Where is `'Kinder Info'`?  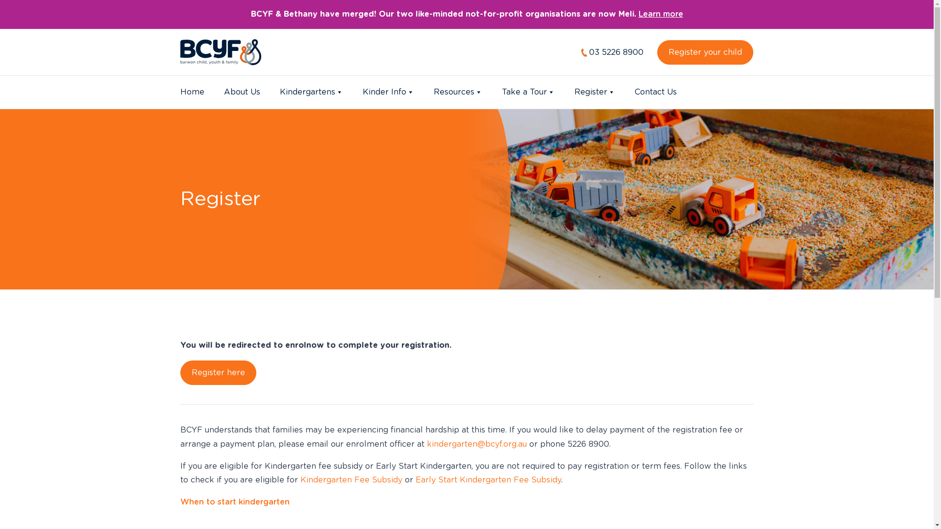 'Kinder Info' is located at coordinates (388, 92).